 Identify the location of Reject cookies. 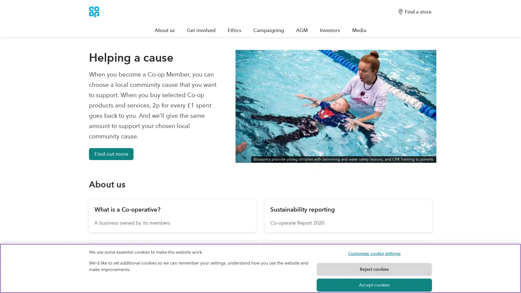
(374, 269).